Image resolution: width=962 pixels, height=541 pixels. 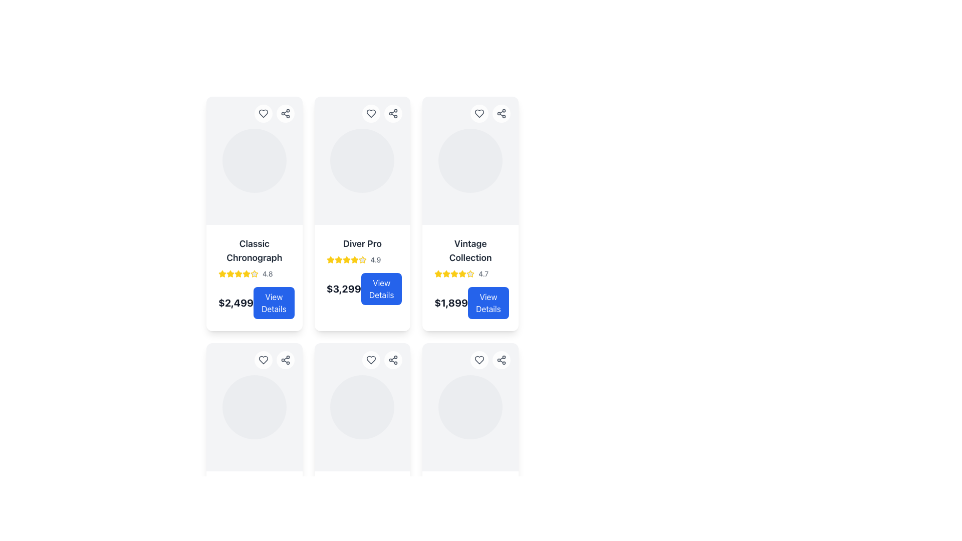 What do you see at coordinates (371, 359) in the screenshot?
I see `the first icon button featuring a heart-shaped outline located at the upper right corner of the card` at bounding box center [371, 359].